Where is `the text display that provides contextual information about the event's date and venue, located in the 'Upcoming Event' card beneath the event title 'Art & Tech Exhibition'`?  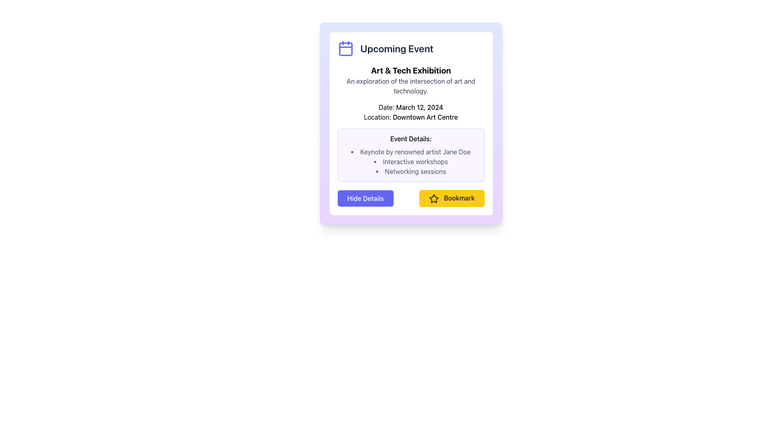 the text display that provides contextual information about the event's date and venue, located in the 'Upcoming Event' card beneath the event title 'Art & Tech Exhibition' is located at coordinates (411, 112).